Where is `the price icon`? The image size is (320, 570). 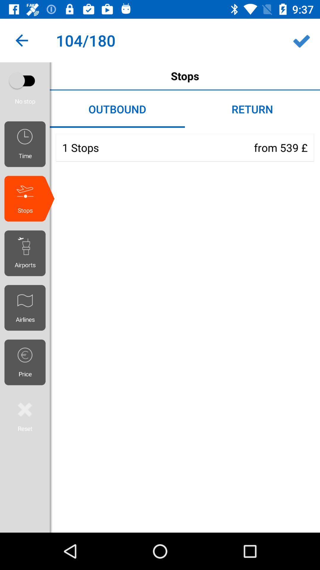
the price icon is located at coordinates (27, 362).